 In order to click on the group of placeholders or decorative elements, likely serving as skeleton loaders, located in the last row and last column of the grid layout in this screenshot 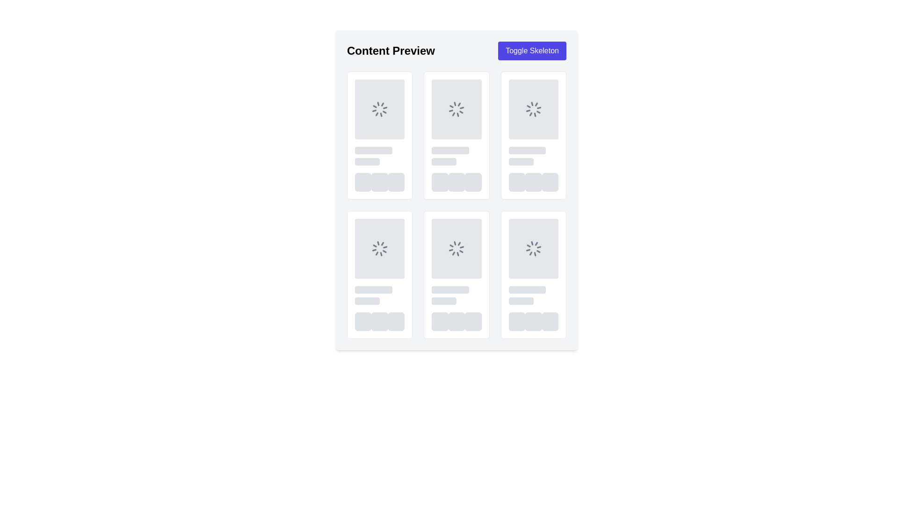, I will do `click(533, 182)`.